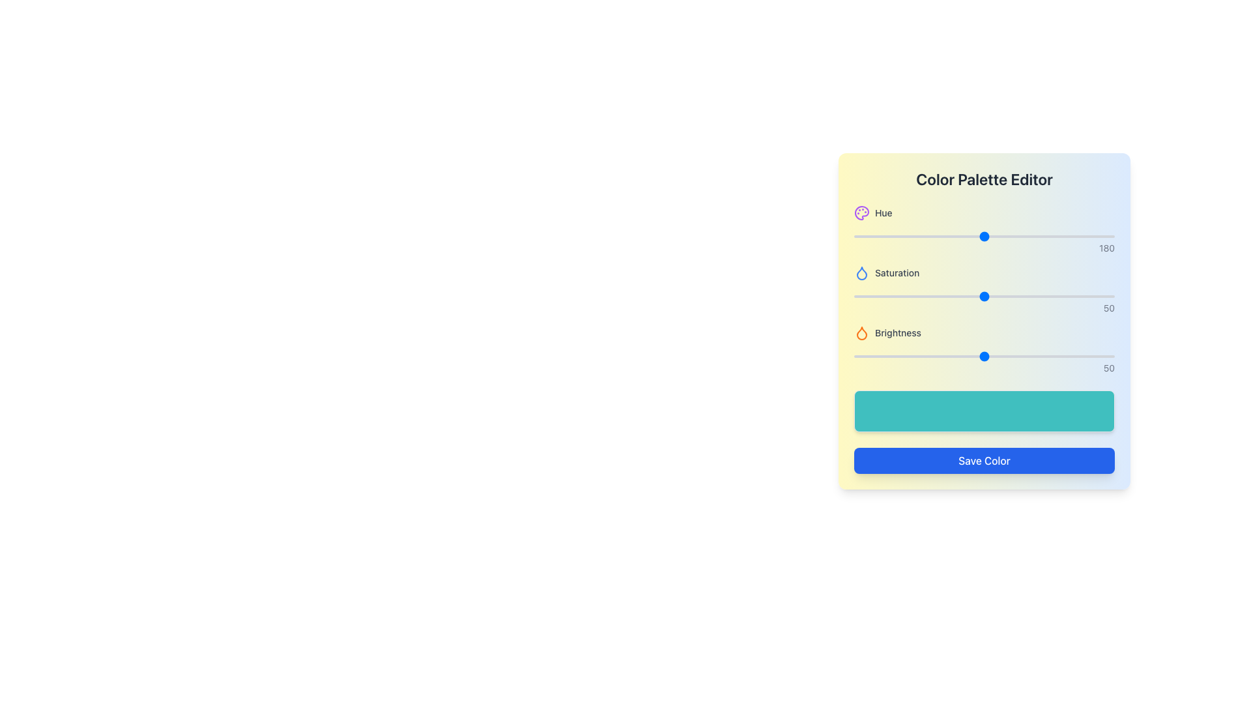  I want to click on brightness, so click(1022, 357).